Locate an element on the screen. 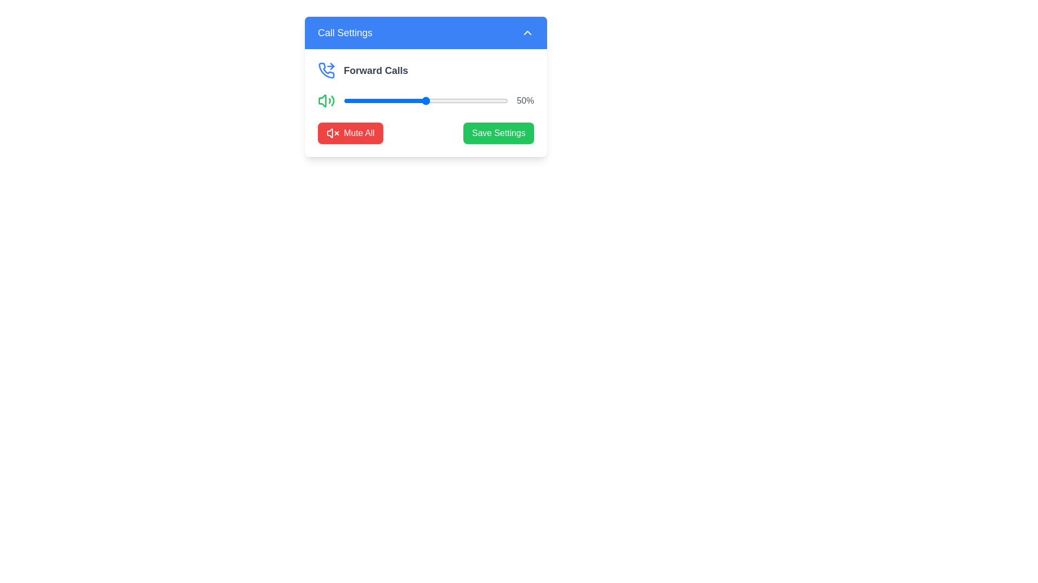 The image size is (1038, 583). the slider is located at coordinates (409, 100).